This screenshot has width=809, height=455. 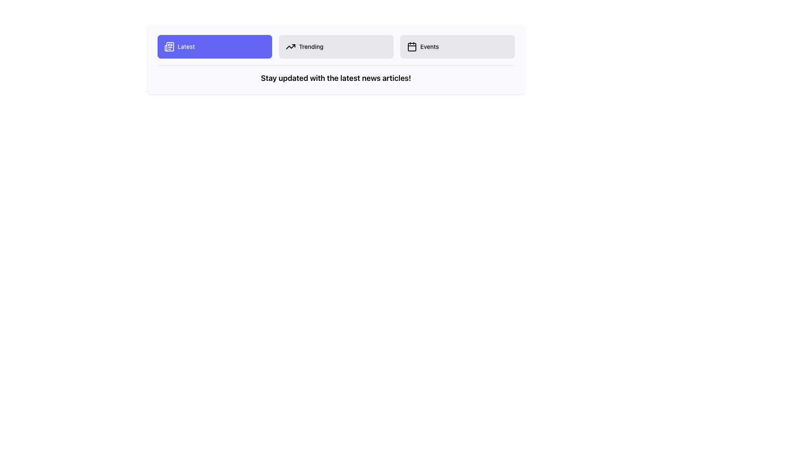 What do you see at coordinates (169, 47) in the screenshot?
I see `the 'Latest' navigation button, which is represented by an icon located to the left of the text 'Latest' within a blue button area` at bounding box center [169, 47].